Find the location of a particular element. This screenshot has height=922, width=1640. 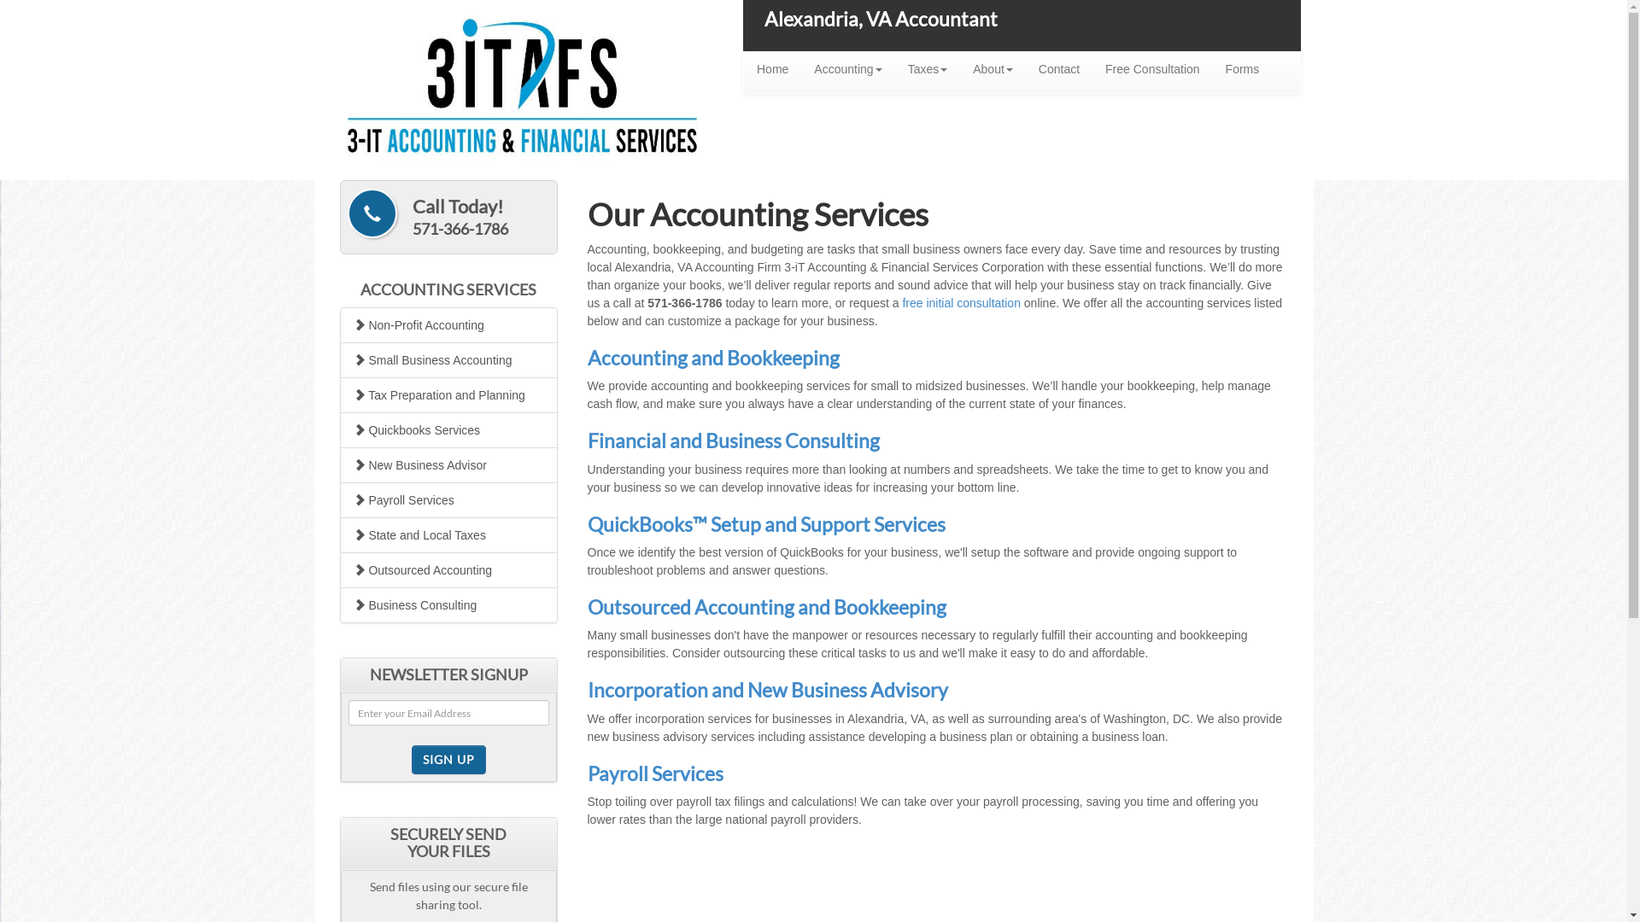

'Small Business Accounting' is located at coordinates (448, 359).